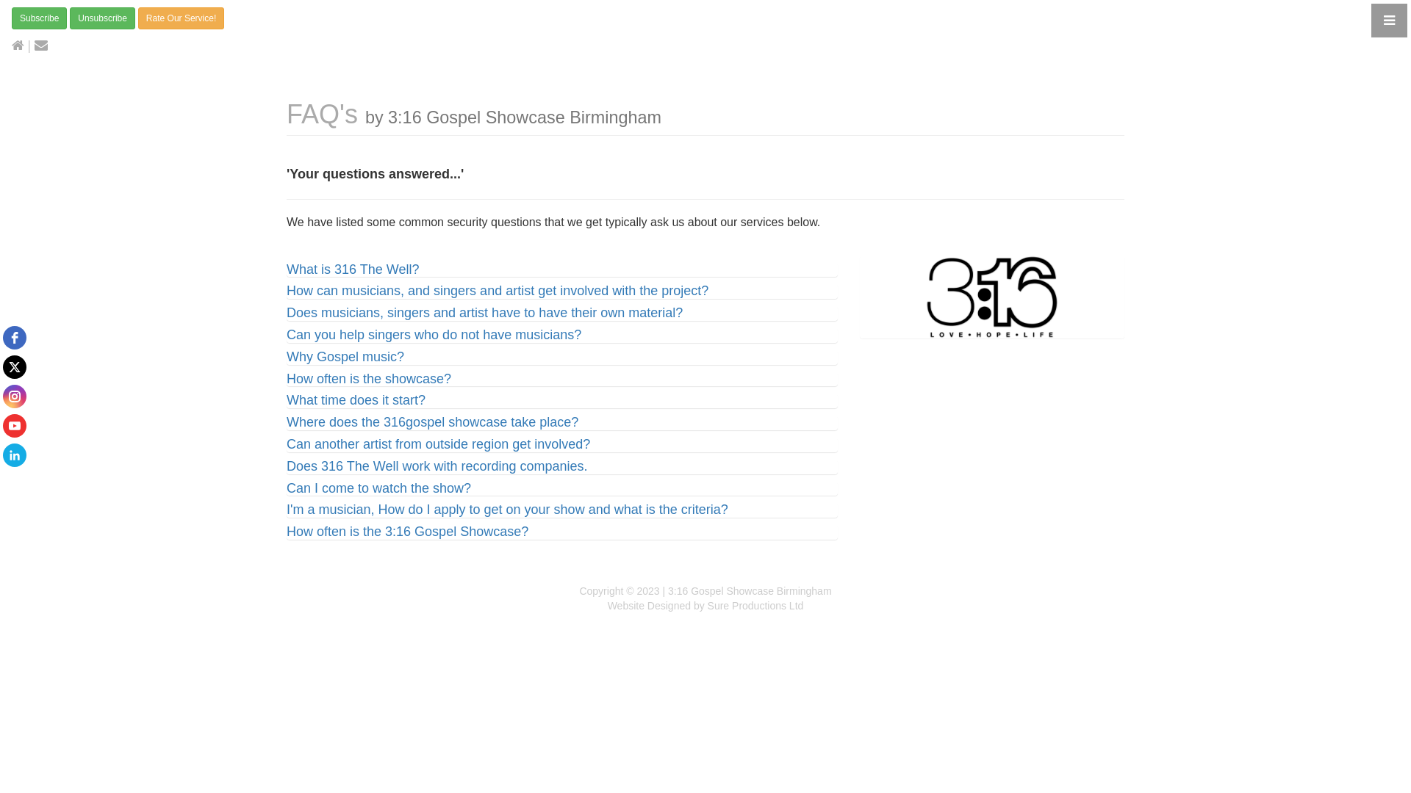 Image resolution: width=1411 pixels, height=793 pixels. What do you see at coordinates (437, 443) in the screenshot?
I see `'Can another artist from outside region get involved?'` at bounding box center [437, 443].